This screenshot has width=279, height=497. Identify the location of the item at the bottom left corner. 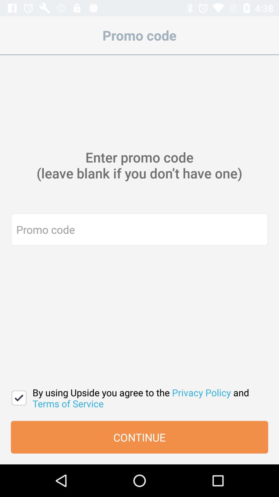
(19, 398).